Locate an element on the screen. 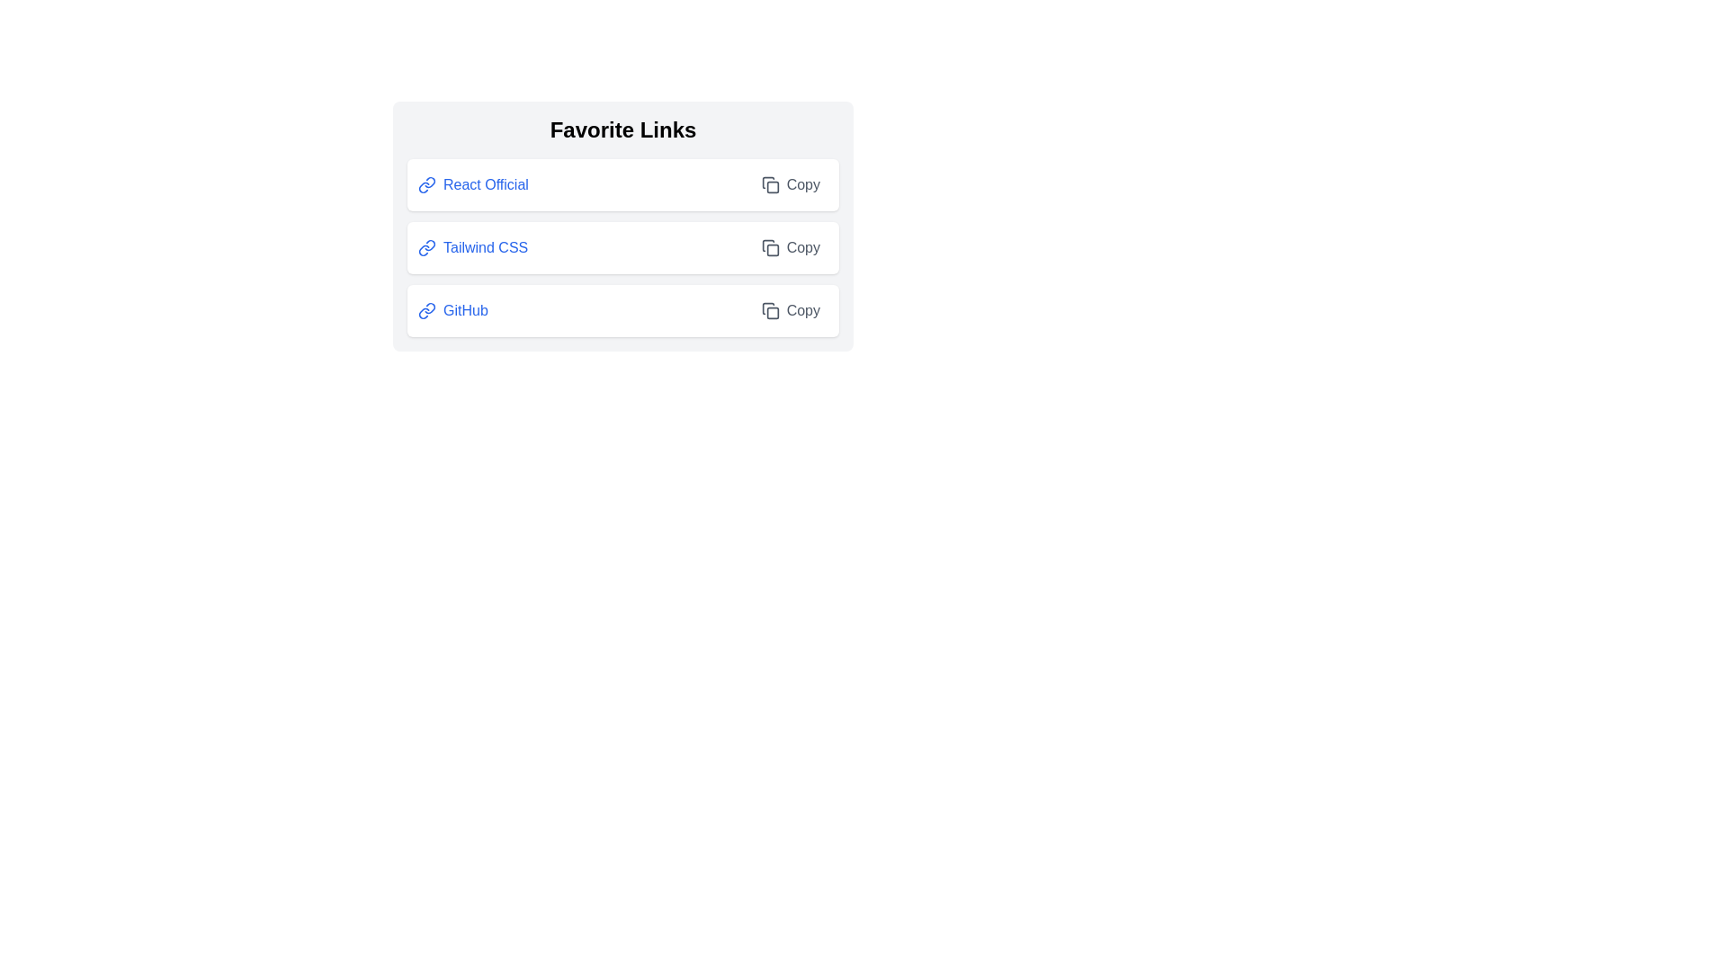 The width and height of the screenshot is (1727, 971). the hyperlink text in the 'Favorite Links' list, which leads to 'https://reactjs.org' is located at coordinates (486, 184).